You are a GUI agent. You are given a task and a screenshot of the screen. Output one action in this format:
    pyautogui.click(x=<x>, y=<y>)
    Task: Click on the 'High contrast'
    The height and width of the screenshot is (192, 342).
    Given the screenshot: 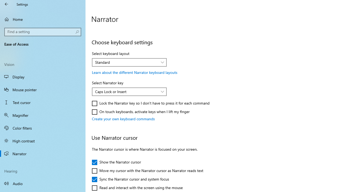 What is the action you would take?
    pyautogui.click(x=43, y=141)
    